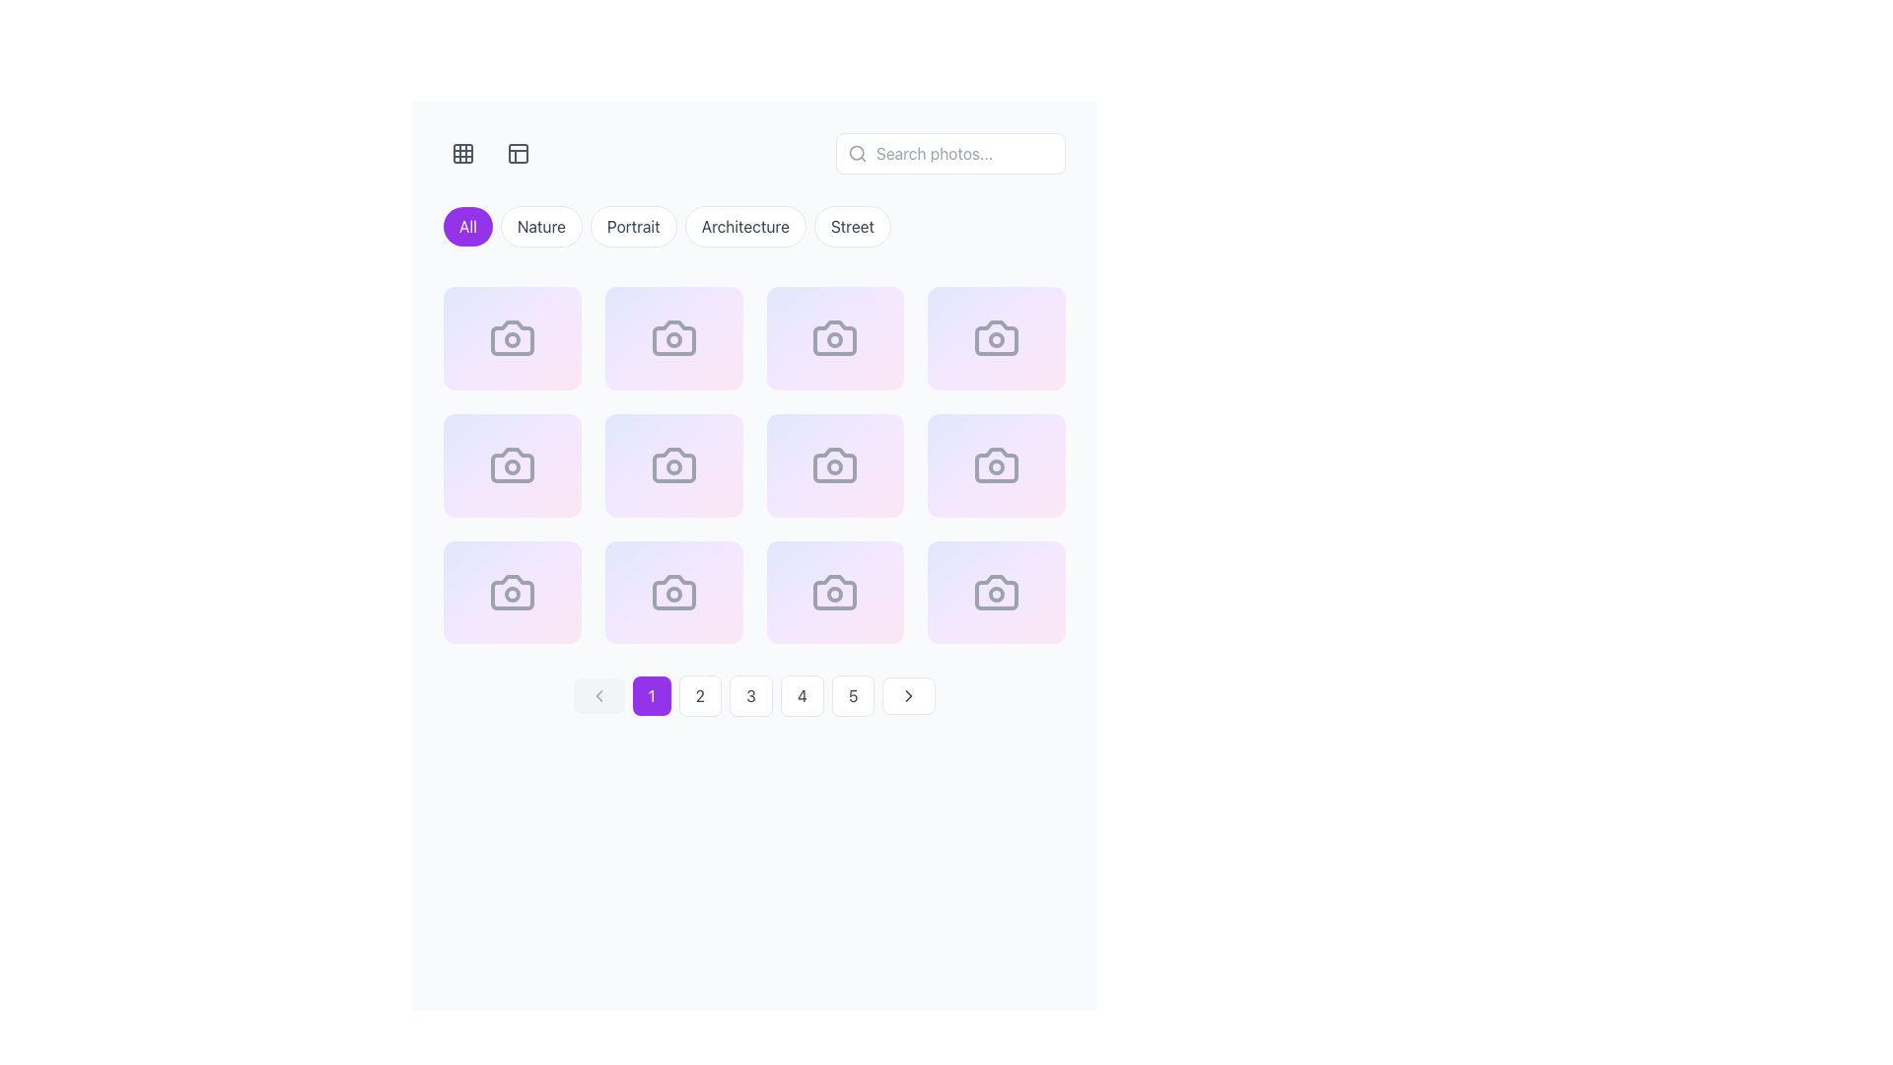  What do you see at coordinates (633, 226) in the screenshot?
I see `the 'Portrait' button, which is a rounded rectangular button with a white background and gray border, located between the 'Nature' and 'Architecture' buttons to apply the filter` at bounding box center [633, 226].